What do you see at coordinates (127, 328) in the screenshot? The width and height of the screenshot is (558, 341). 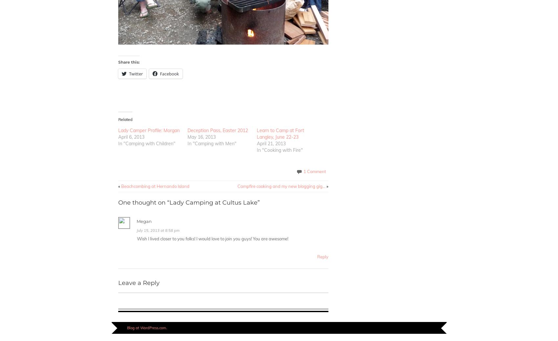 I see `'Blog at WordPress.com.'` at bounding box center [127, 328].